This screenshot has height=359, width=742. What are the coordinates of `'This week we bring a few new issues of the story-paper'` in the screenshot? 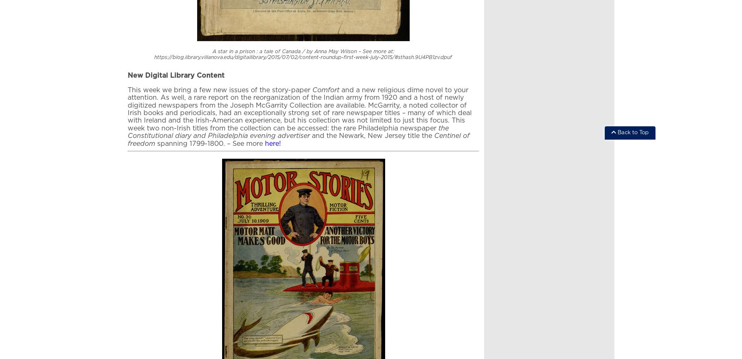 It's located at (128, 90).